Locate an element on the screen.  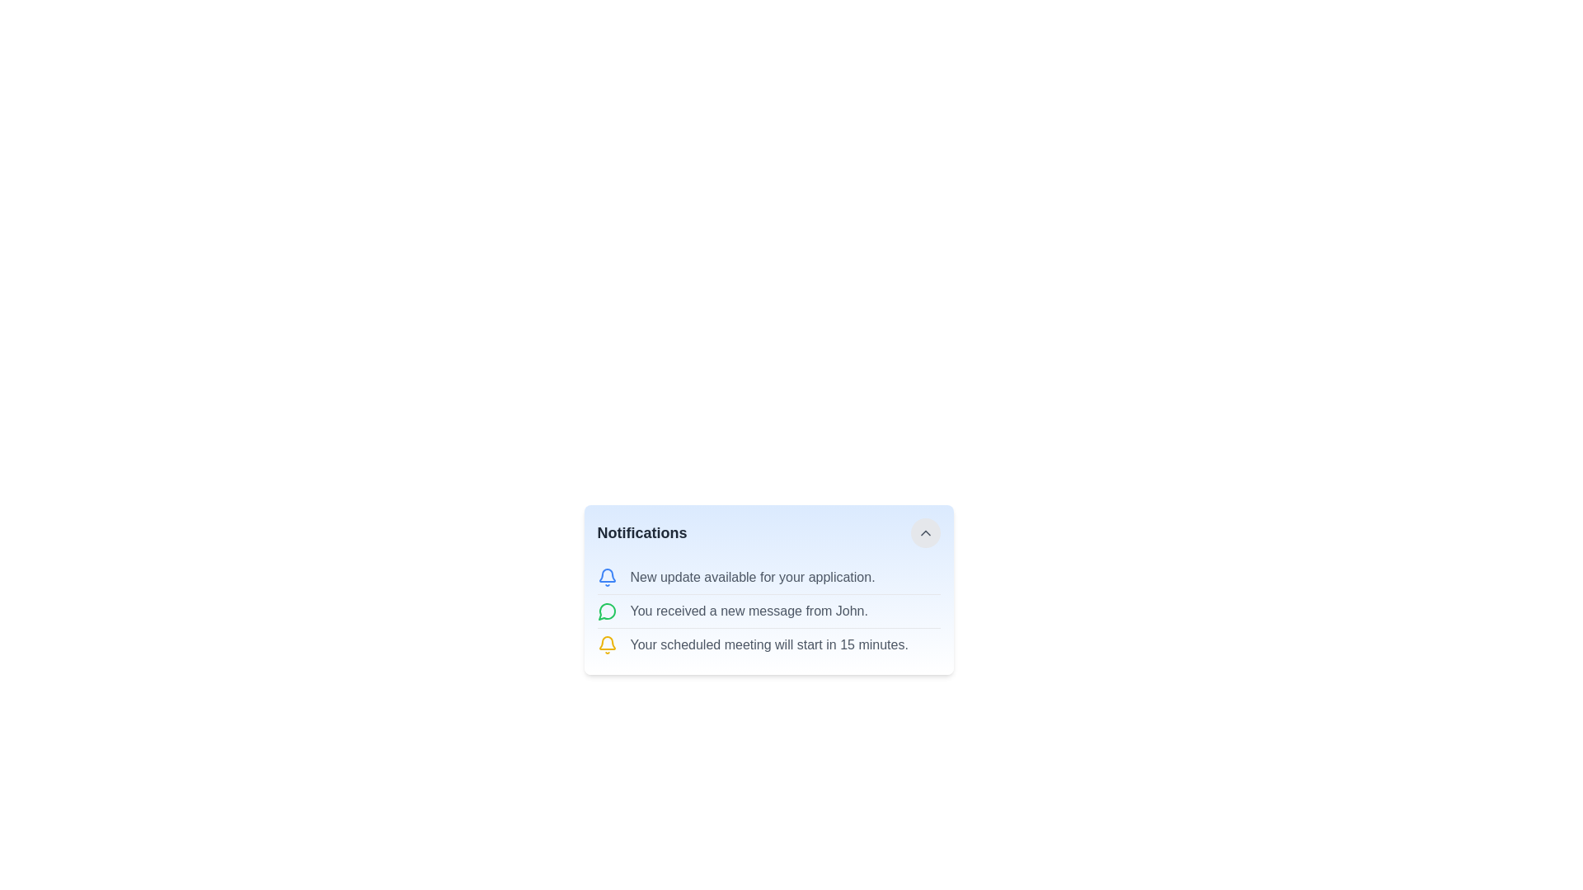
the interactive button located at the top-right corner of the notification card interface is located at coordinates (925, 533).